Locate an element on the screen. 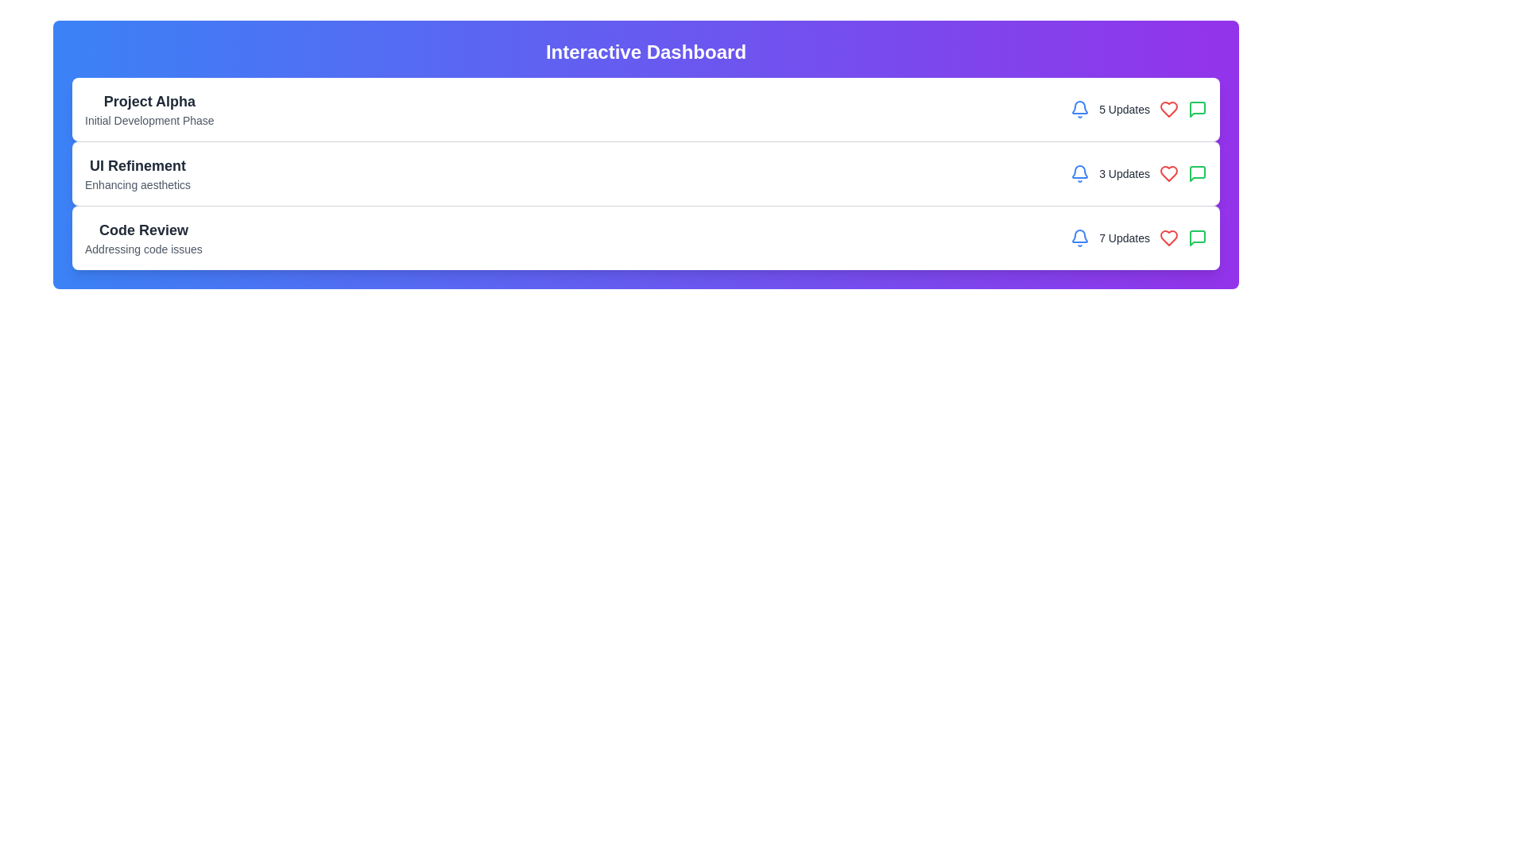 The image size is (1526, 858). text label displaying 'Addressing code issues', which is styled in a small gray font and located below the 'Code Review' title in the third card of the Interactive Dashboard is located at coordinates (143, 249).